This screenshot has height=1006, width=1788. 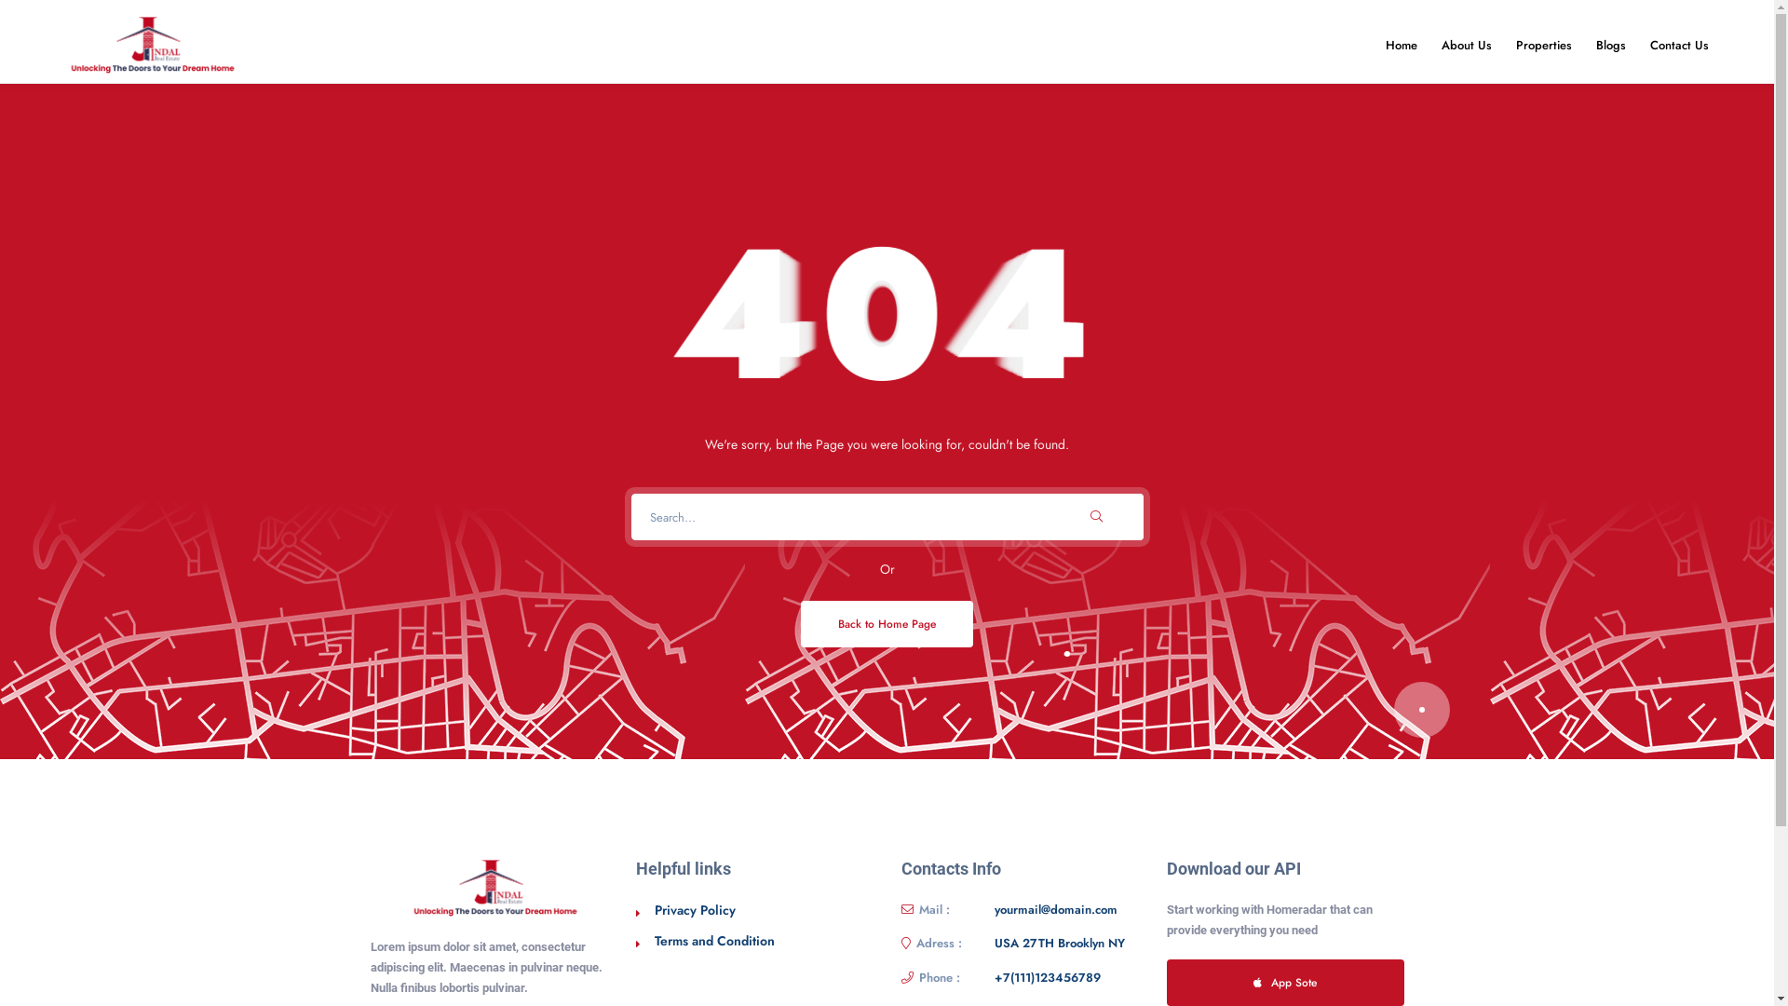 I want to click on 'Back to Home Page', so click(x=886, y=624).